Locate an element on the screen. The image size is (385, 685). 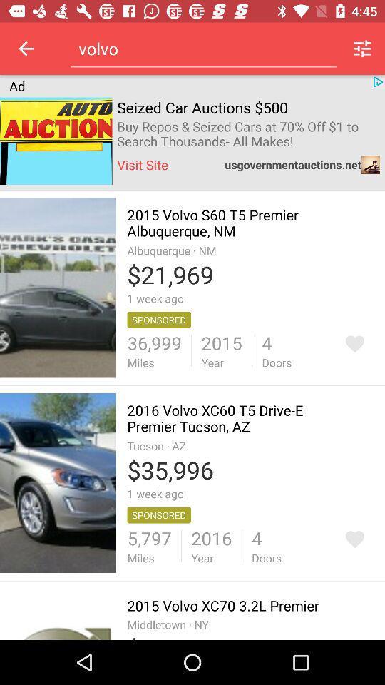
the advertisement is located at coordinates (354, 539).